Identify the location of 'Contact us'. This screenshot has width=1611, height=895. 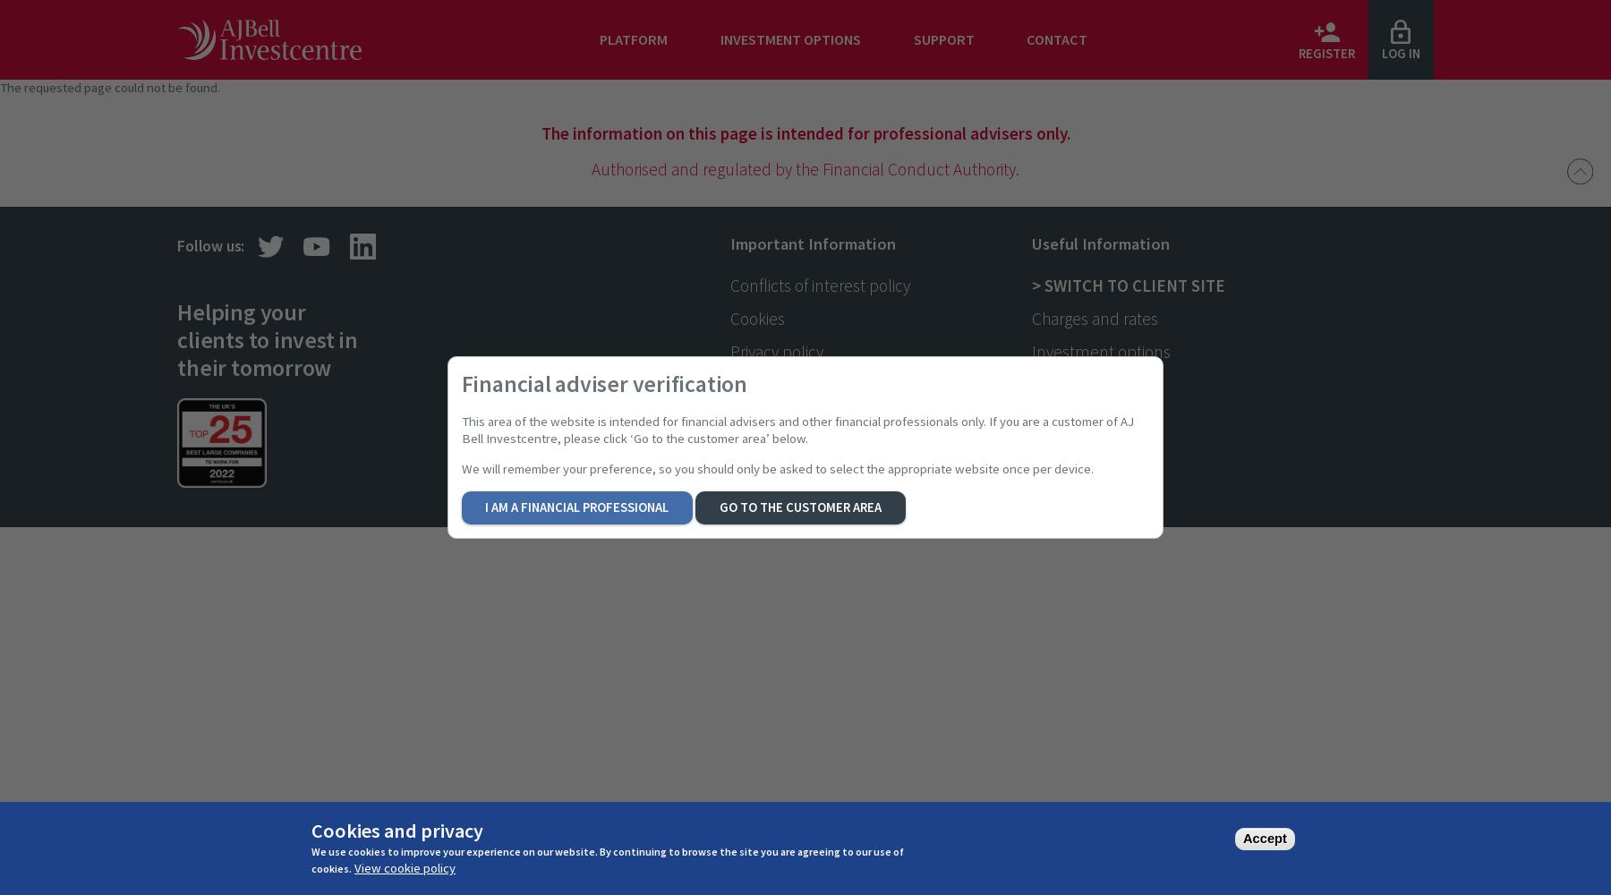
(1068, 384).